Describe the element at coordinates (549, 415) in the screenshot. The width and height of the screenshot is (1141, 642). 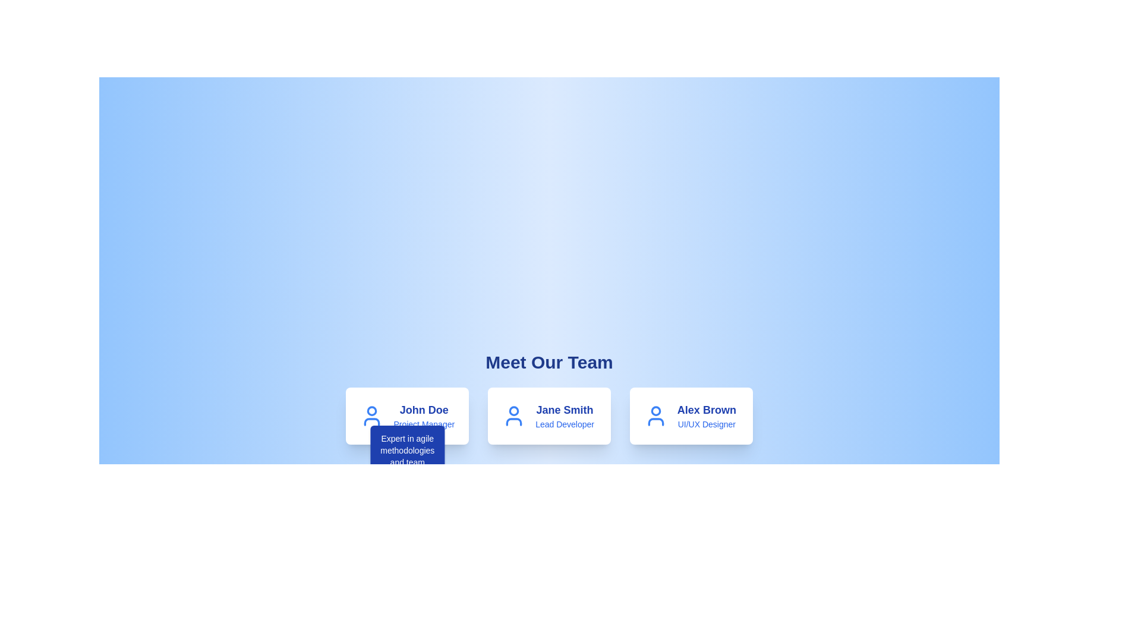
I see `the Profile card representing a team member in the 'Meet Our Team' showcase to view additional information` at that location.